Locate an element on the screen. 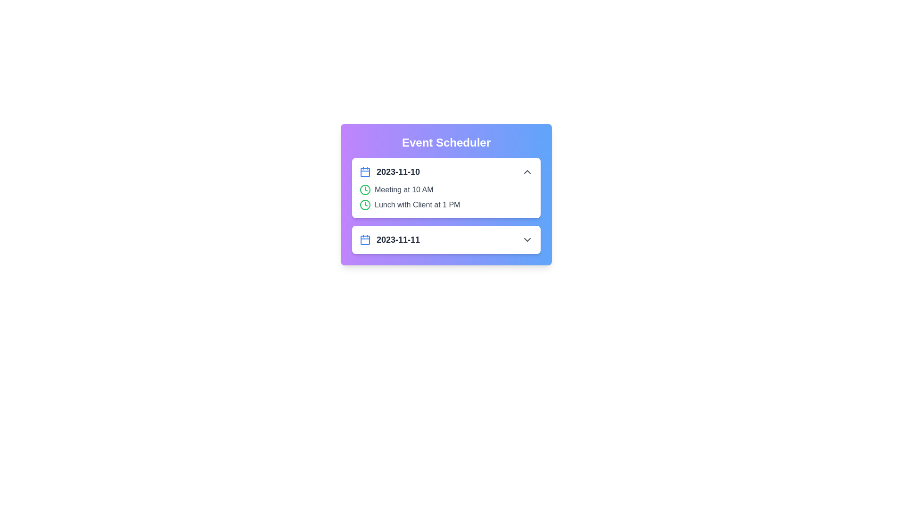 The height and width of the screenshot is (509, 905). the calendar icon next to the desired date to identify its events is located at coordinates (364, 172).